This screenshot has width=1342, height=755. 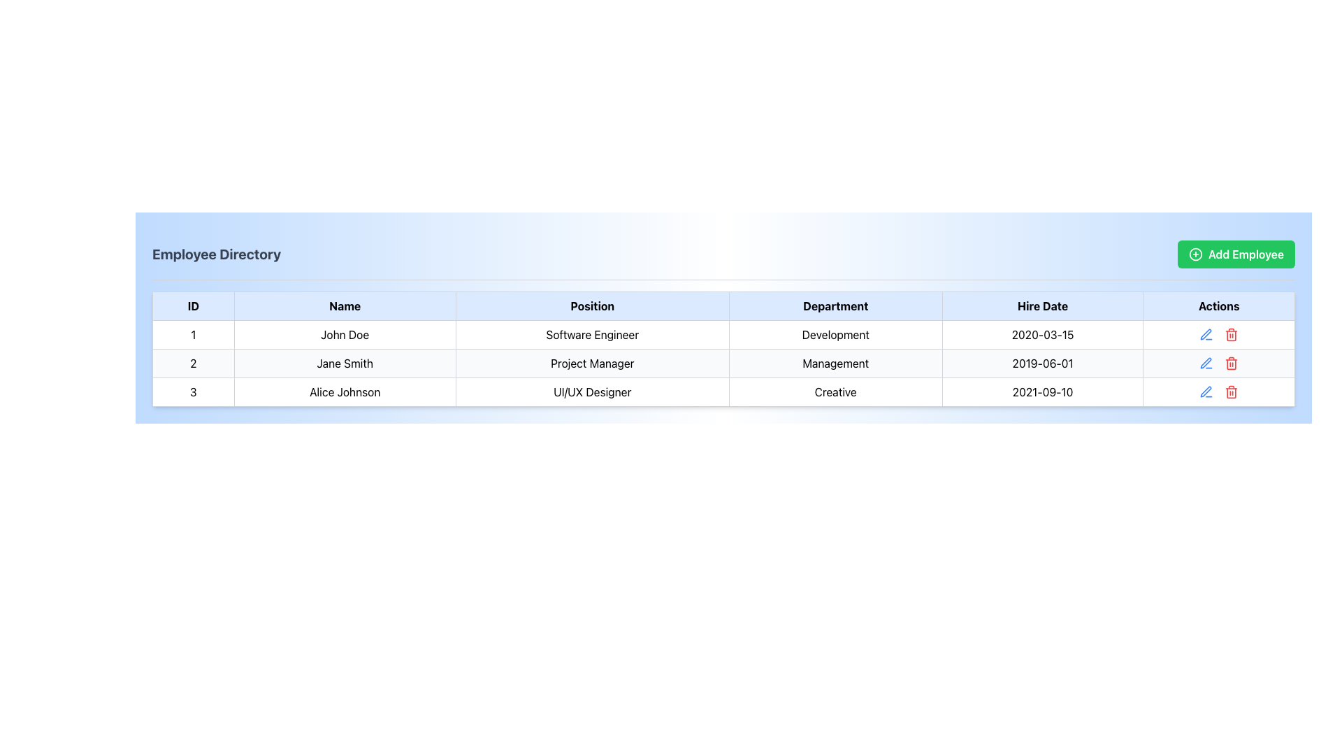 What do you see at coordinates (1218, 363) in the screenshot?
I see `the trash icon in the far-right cell of the row for 'Jane Smith' in the 'Actions' column` at bounding box center [1218, 363].